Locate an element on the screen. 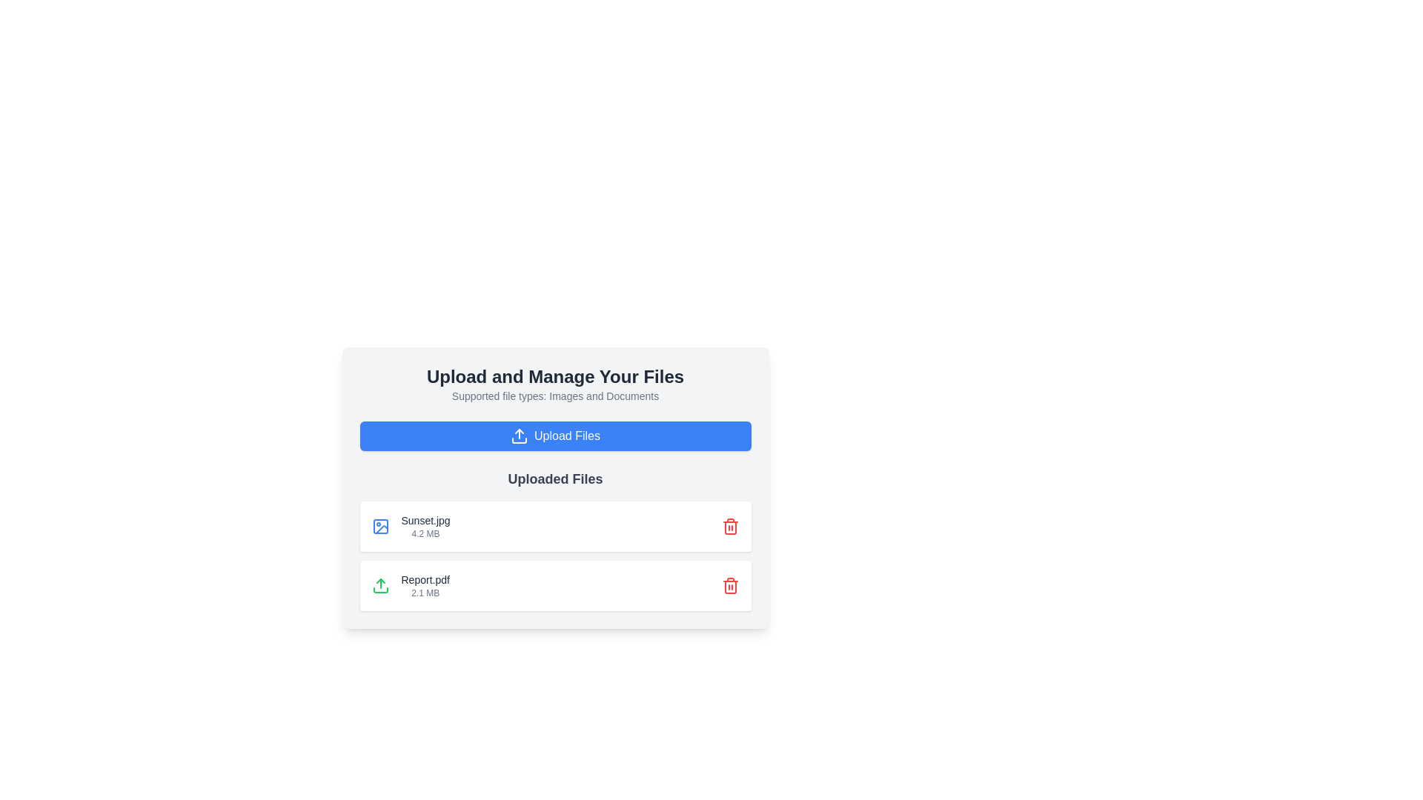 The image size is (1423, 800). the static text label displaying 'Supported file types: Images and Documents', which is positioned below the header 'Upload and Manage Your Files' and above the 'Upload Files' button is located at coordinates (554, 396).